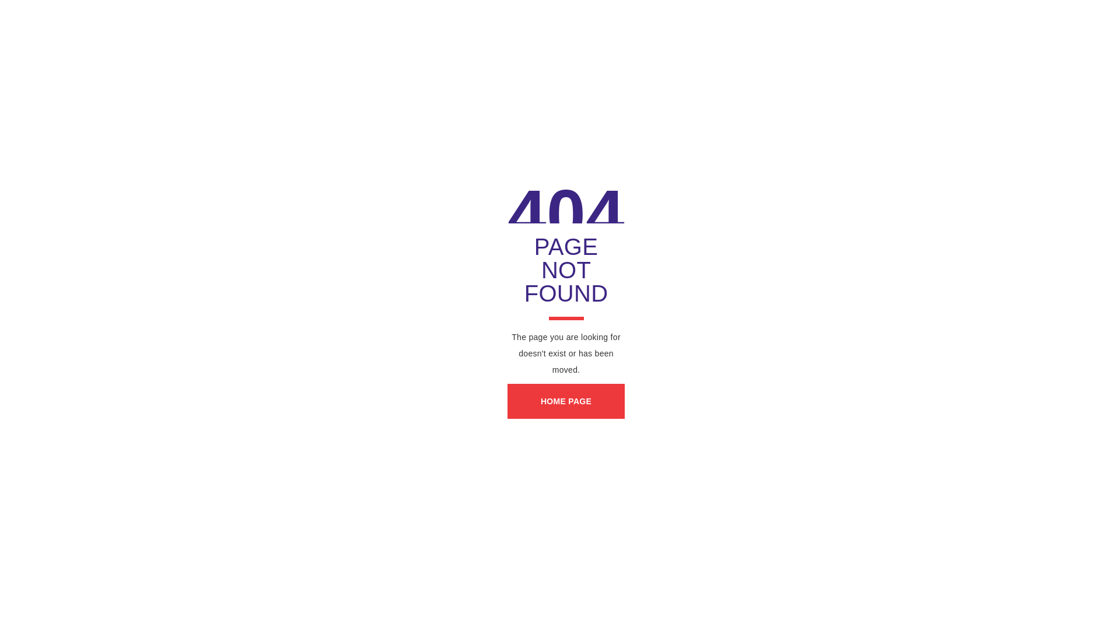  What do you see at coordinates (566, 400) in the screenshot?
I see `'HOME PAGE'` at bounding box center [566, 400].